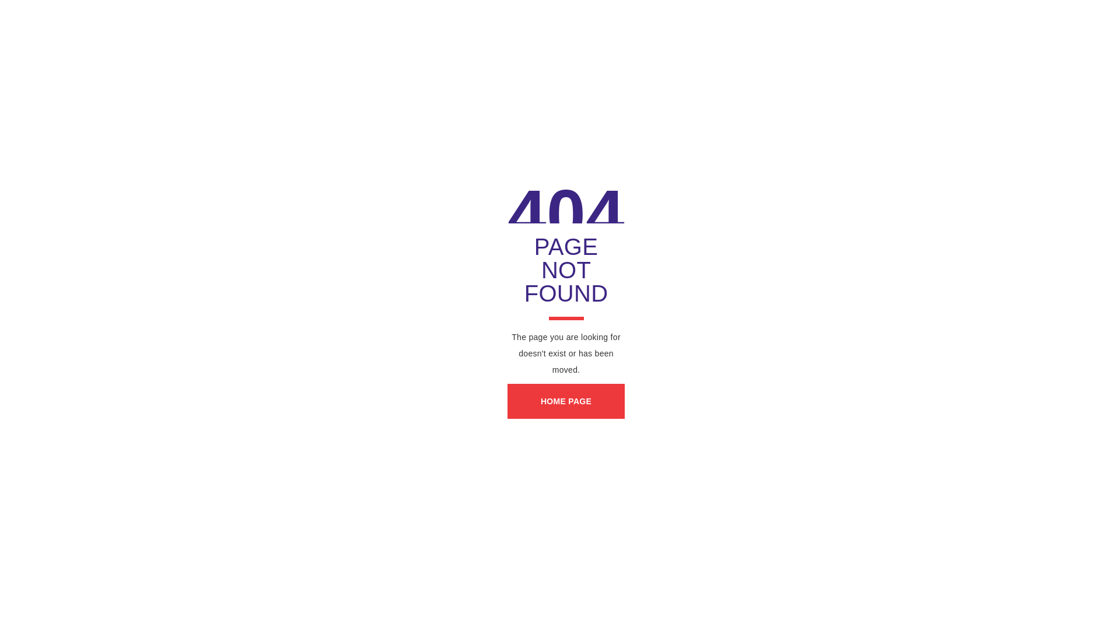  What do you see at coordinates (566, 400) in the screenshot?
I see `'HOME PAGE'` at bounding box center [566, 400].